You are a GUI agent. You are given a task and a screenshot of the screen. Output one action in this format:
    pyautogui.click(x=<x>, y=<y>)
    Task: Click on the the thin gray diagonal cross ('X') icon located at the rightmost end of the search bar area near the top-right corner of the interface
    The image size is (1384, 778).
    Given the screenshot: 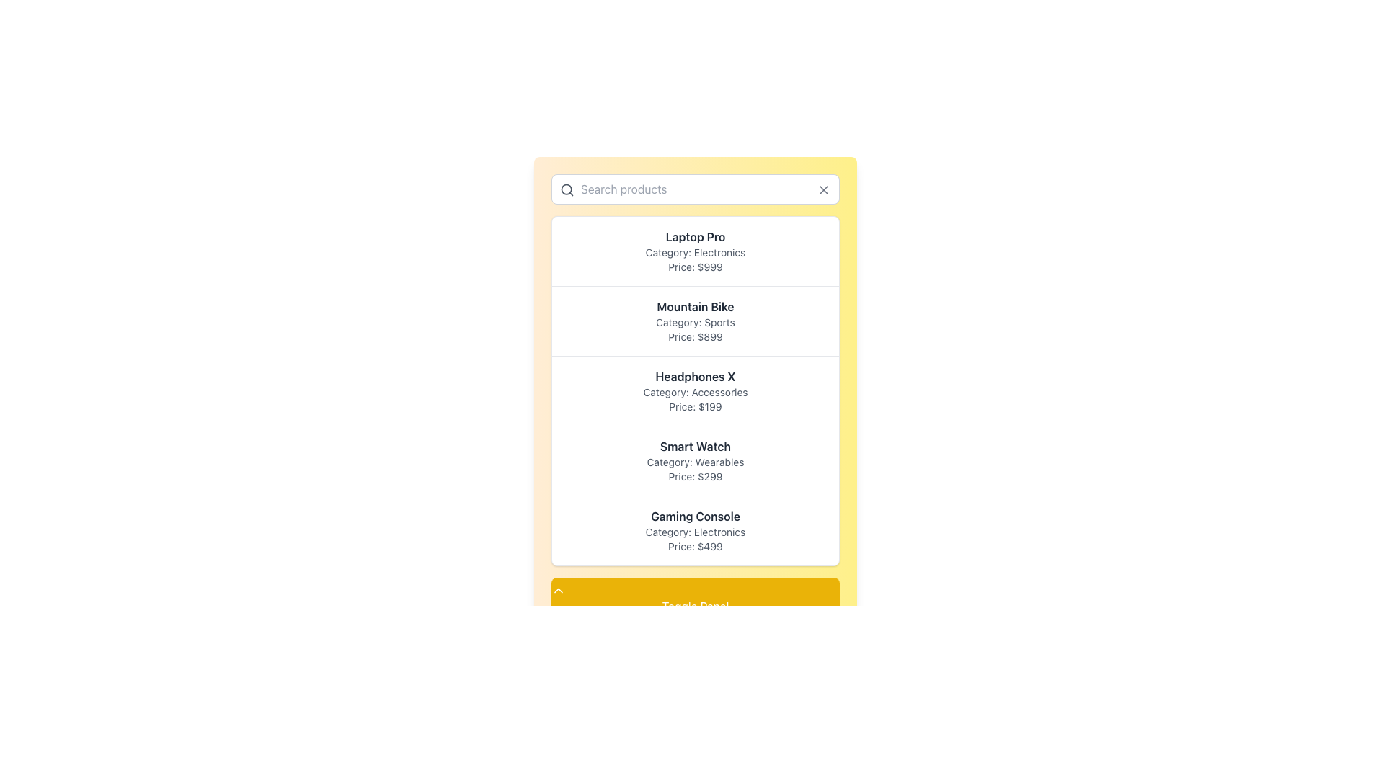 What is the action you would take?
    pyautogui.click(x=823, y=189)
    